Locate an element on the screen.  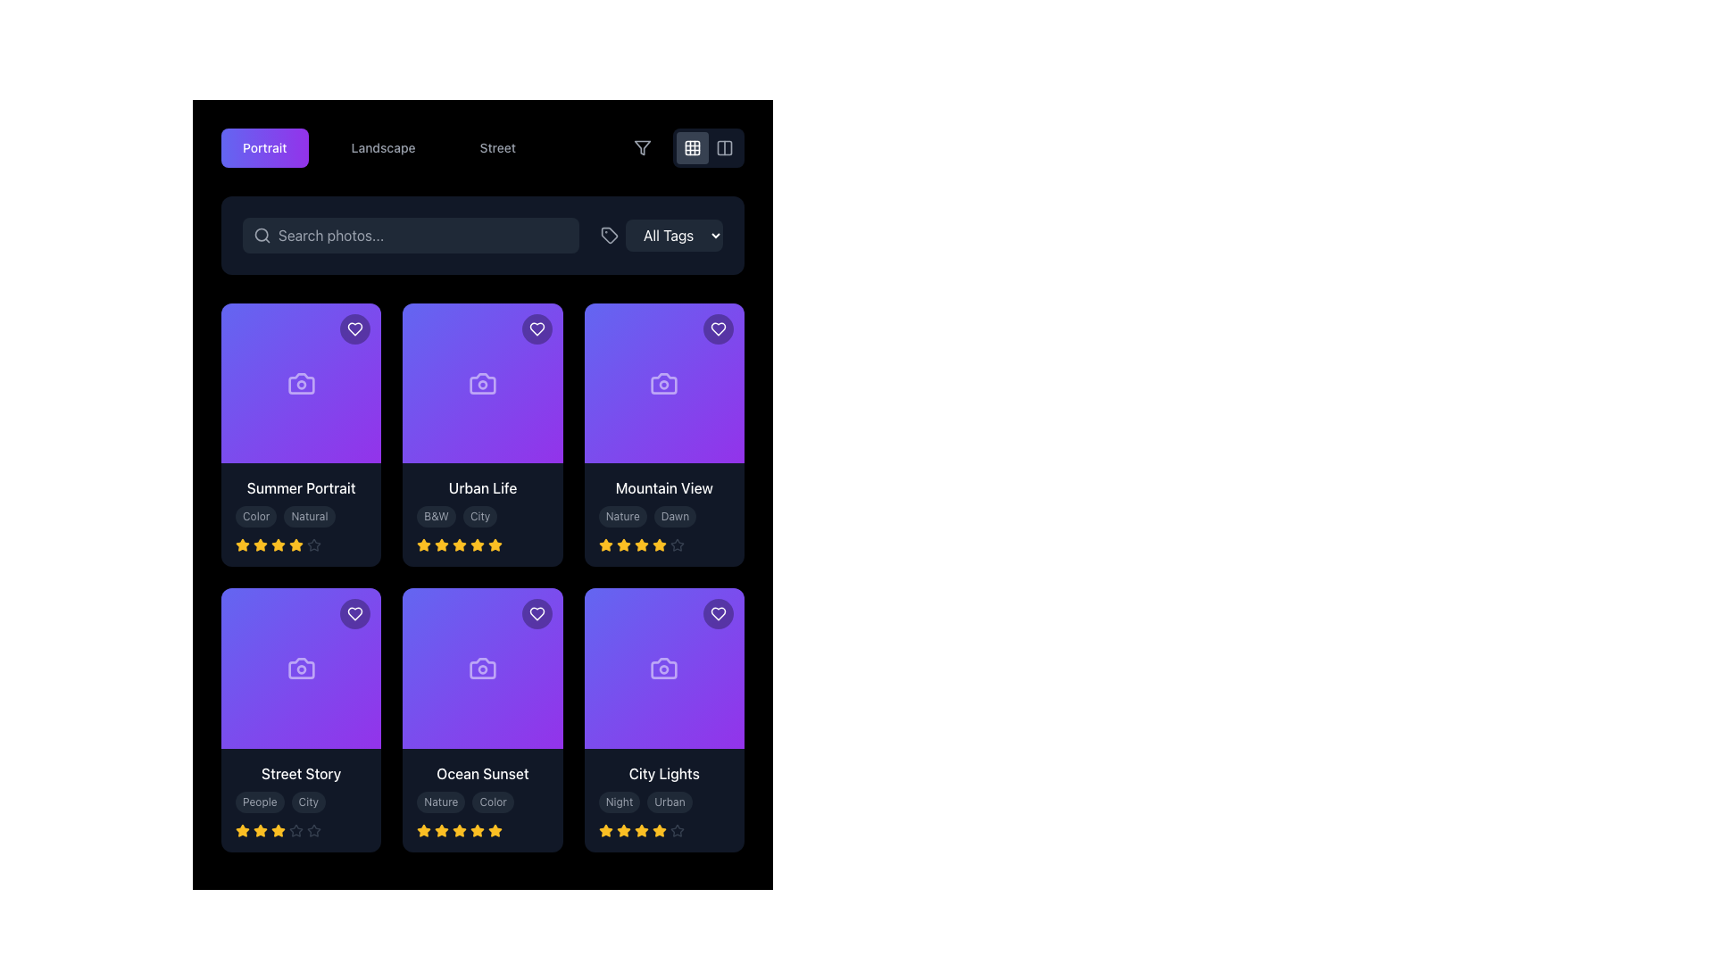
the state of the amber star-shaped rating icon positioned in the second star slot of the five-star rating component below the 'Mountain View' card is located at coordinates (623, 544).